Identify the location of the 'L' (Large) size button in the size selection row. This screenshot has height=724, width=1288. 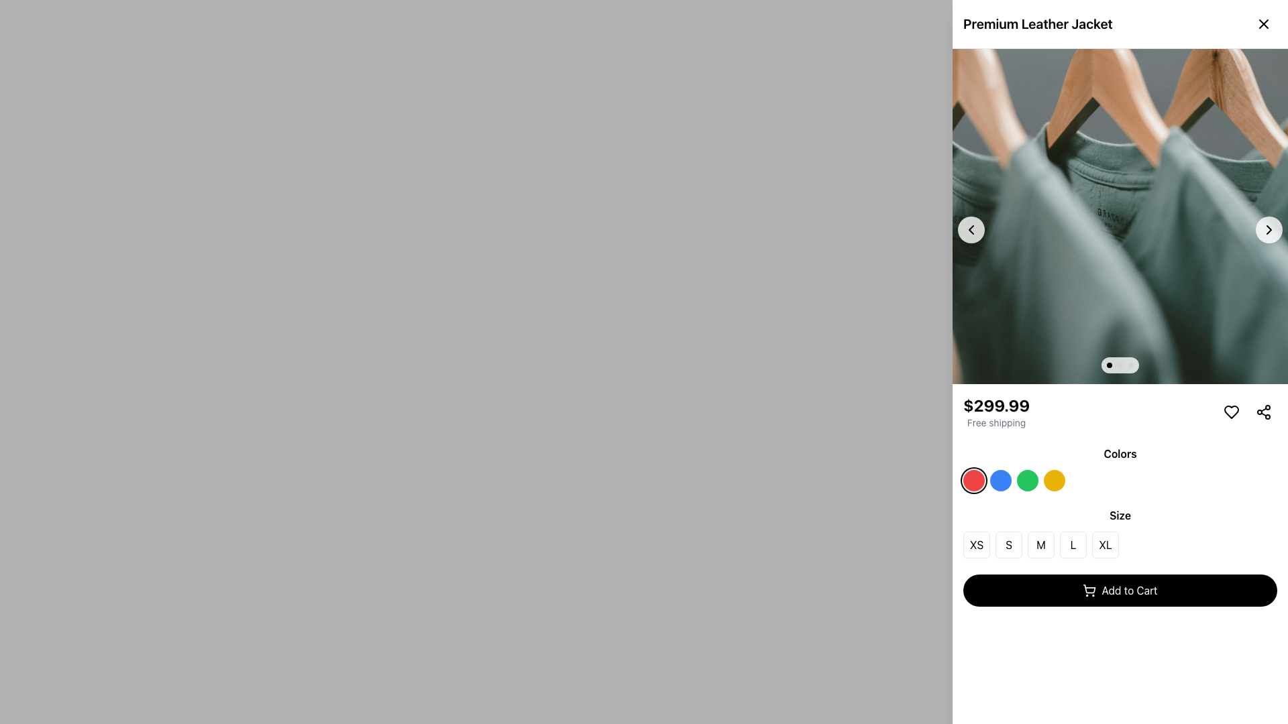
(1072, 545).